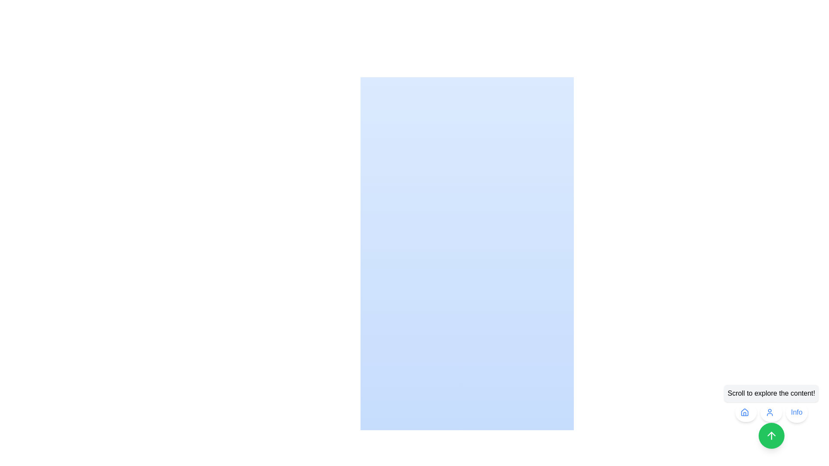 The height and width of the screenshot is (466, 829). Describe the element at coordinates (771, 436) in the screenshot. I see `the circular green button with a white upwards-pointing arrow icon to scroll upwards` at that location.